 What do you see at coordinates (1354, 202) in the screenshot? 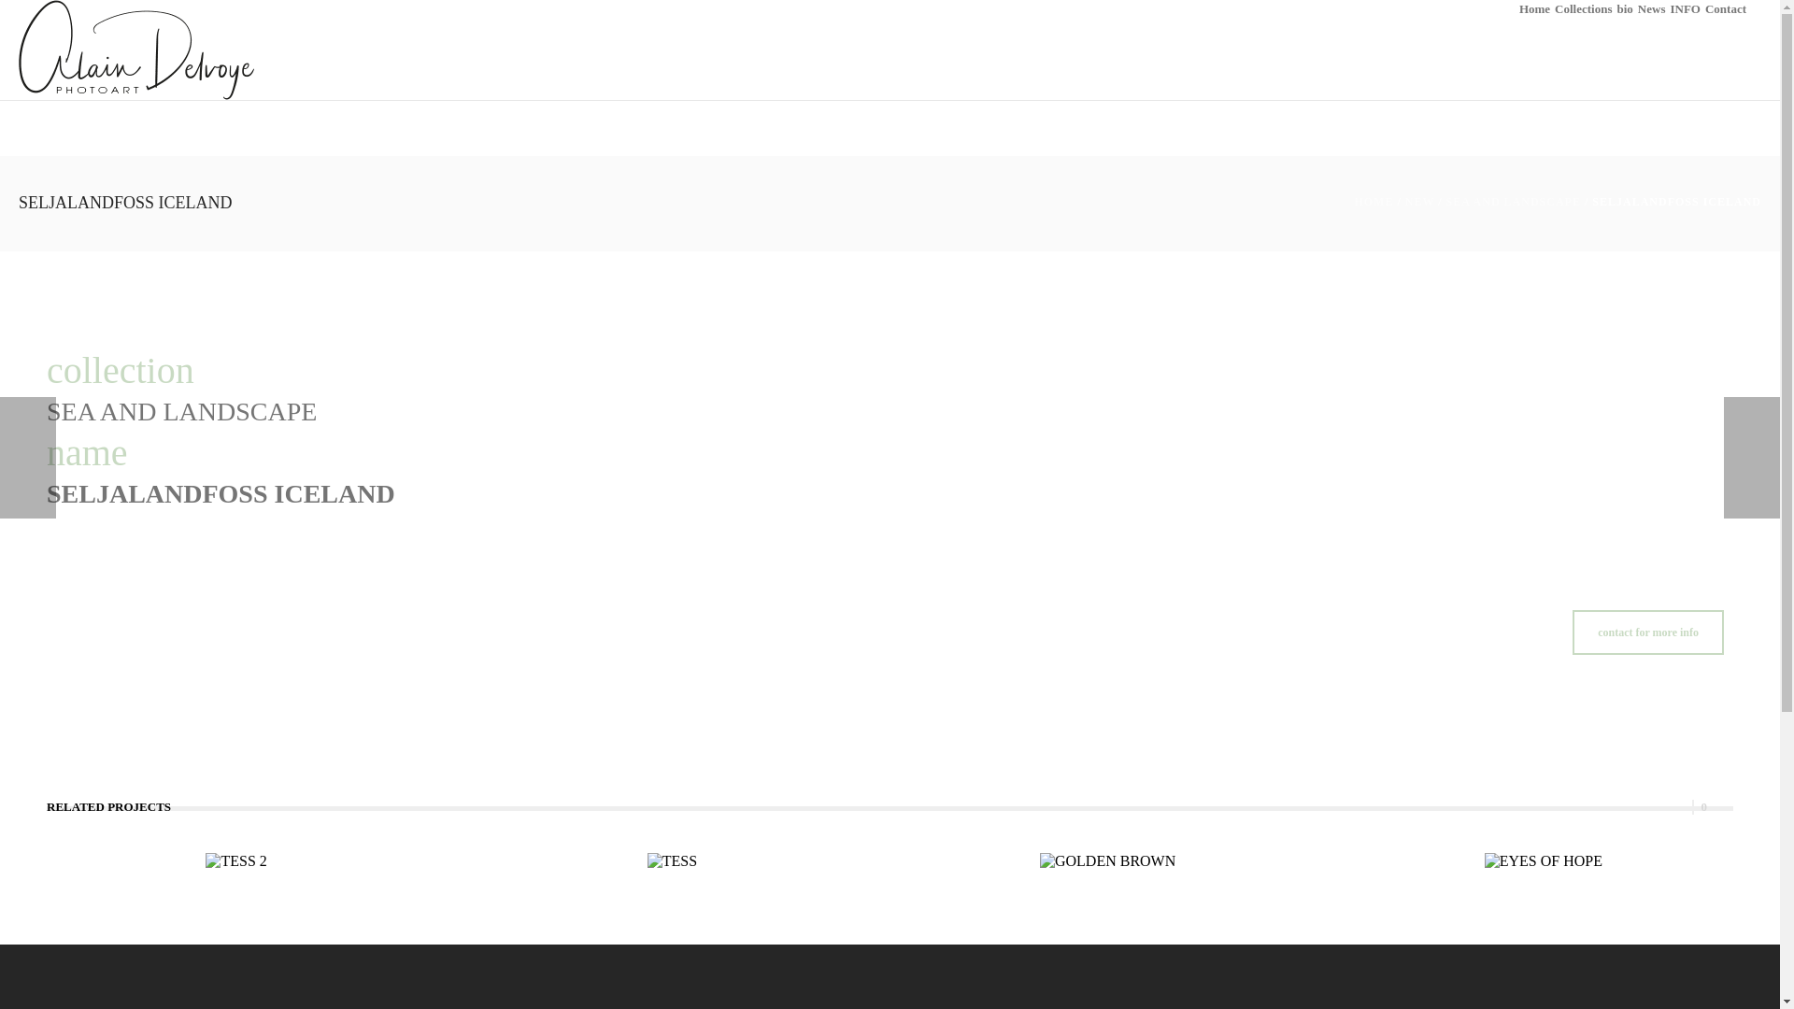
I see `'HOME'` at bounding box center [1354, 202].